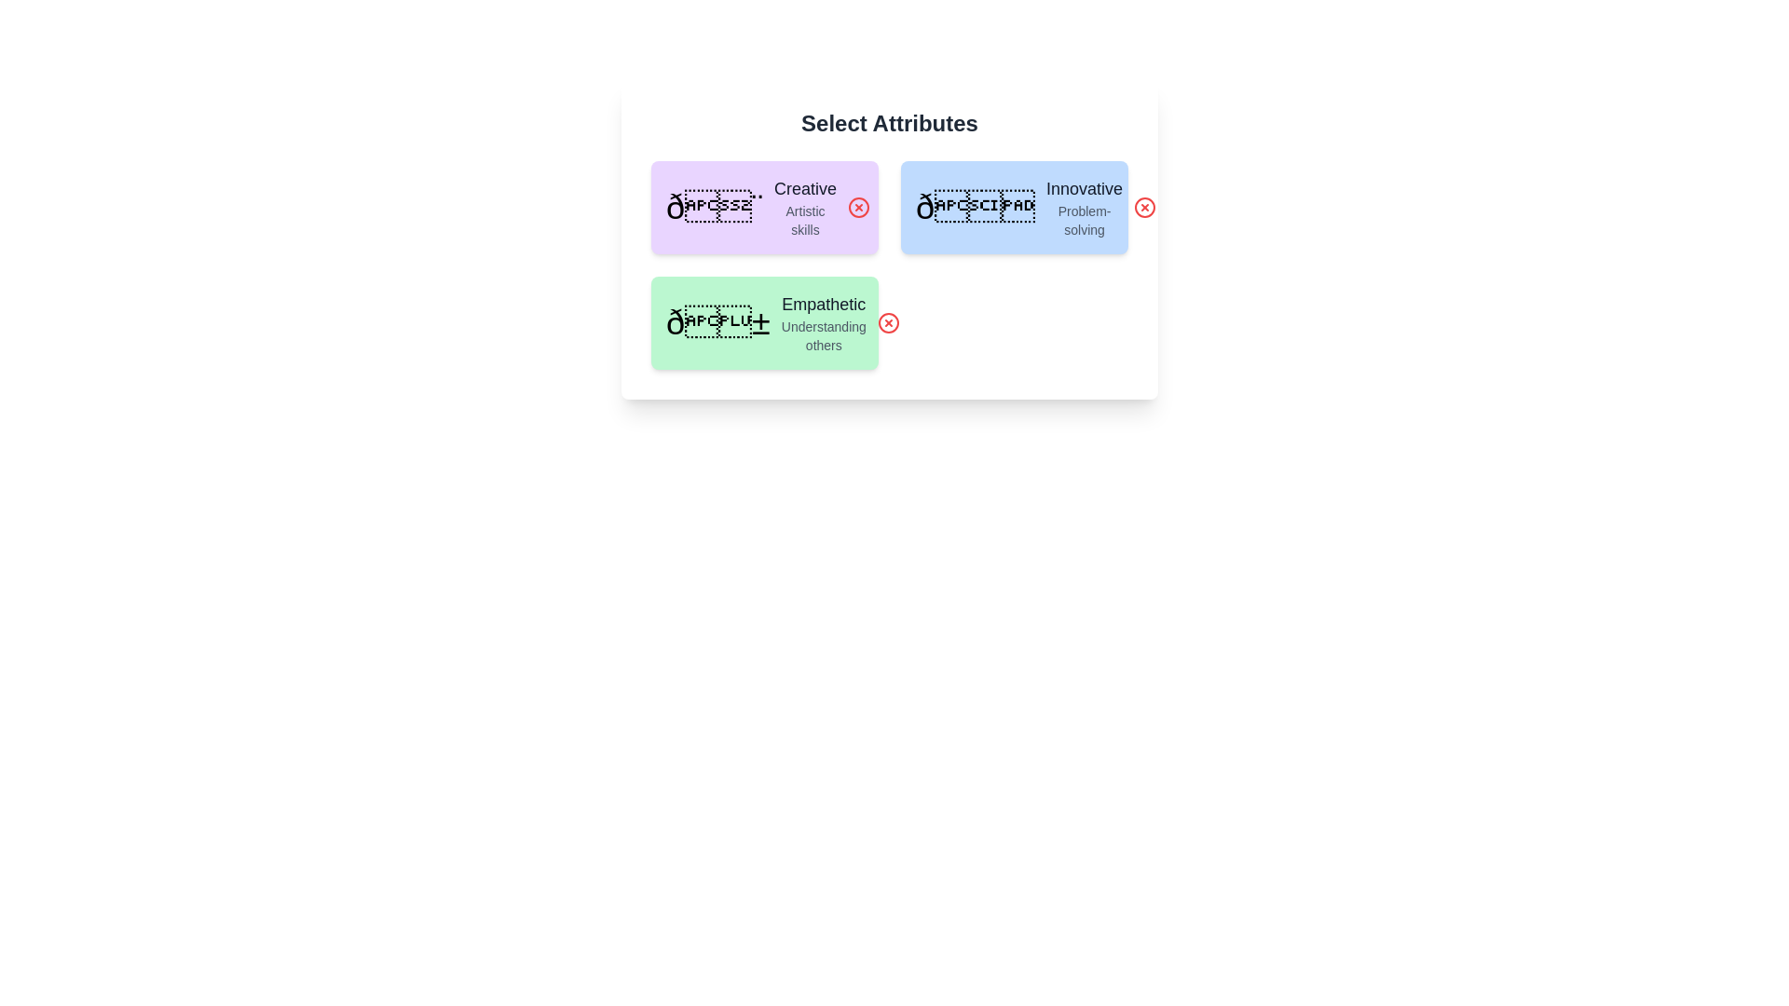 The height and width of the screenshot is (1006, 1789). I want to click on remove button for the attribute labeled Empathetic, so click(887, 322).